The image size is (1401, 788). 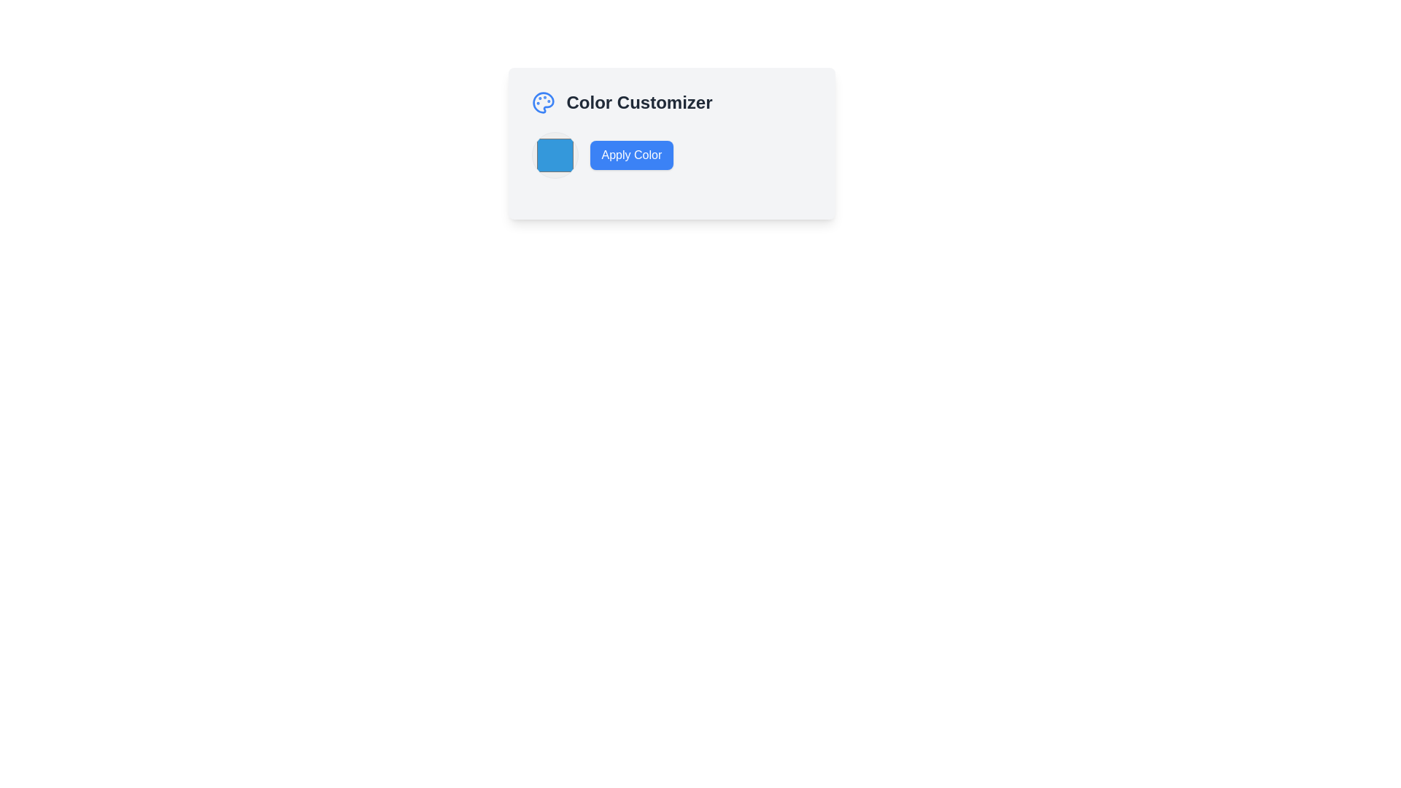 What do you see at coordinates (542, 102) in the screenshot?
I see `the decorative icon representing a palette symbol in the 'Color Customizer' component located at the top-left part of the interface` at bounding box center [542, 102].